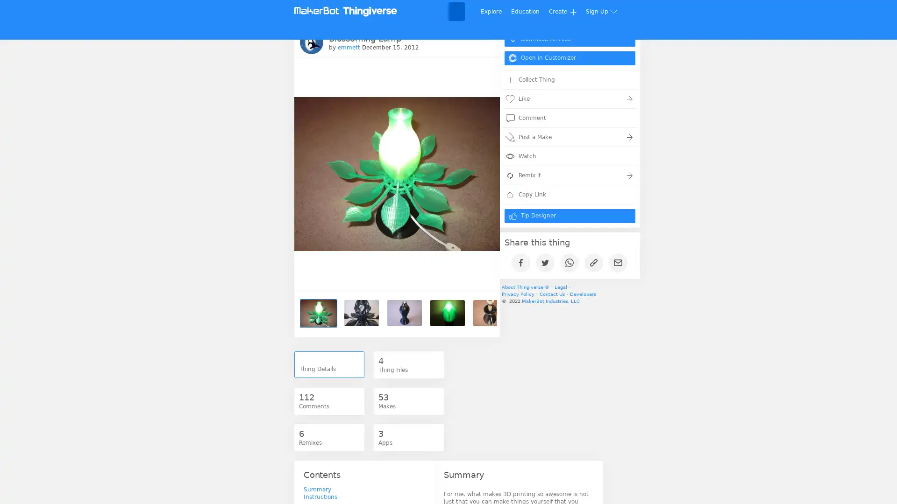 The height and width of the screenshot is (504, 897). I want to click on slide item 8, so click(619, 313).